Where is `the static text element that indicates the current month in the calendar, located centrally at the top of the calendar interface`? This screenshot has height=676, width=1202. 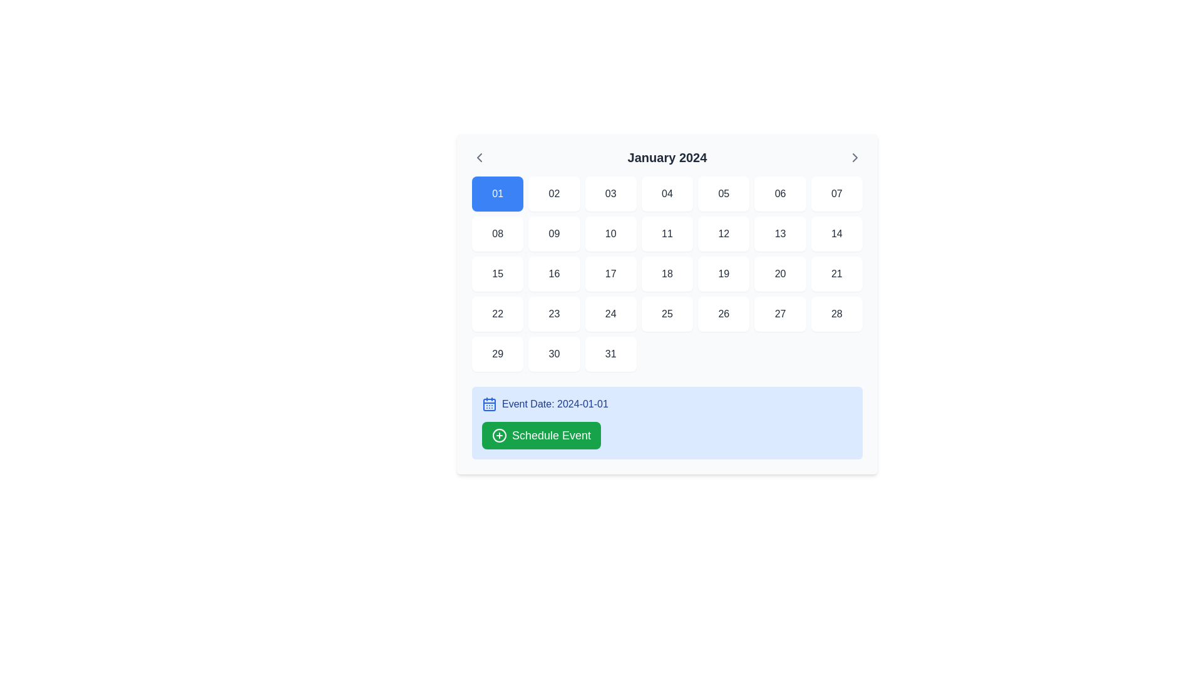 the static text element that indicates the current month in the calendar, located centrally at the top of the calendar interface is located at coordinates (666, 156).